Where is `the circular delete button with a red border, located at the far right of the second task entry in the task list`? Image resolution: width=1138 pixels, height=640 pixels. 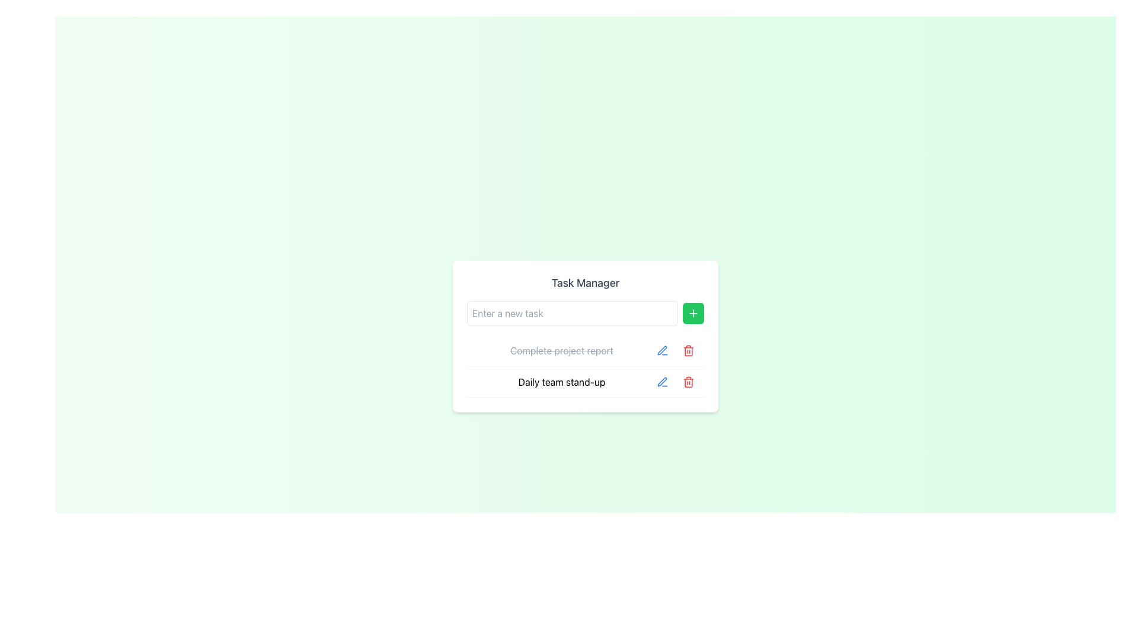
the circular delete button with a red border, located at the far right of the second task entry in the task list is located at coordinates (688, 382).